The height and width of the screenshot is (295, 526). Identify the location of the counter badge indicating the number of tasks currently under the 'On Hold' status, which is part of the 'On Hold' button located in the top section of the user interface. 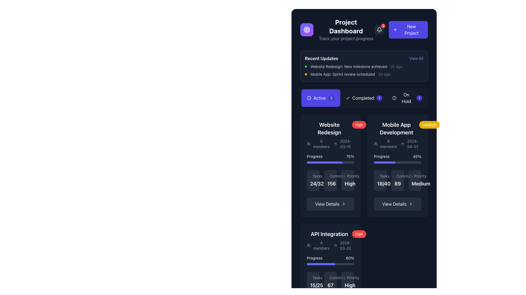
(419, 98).